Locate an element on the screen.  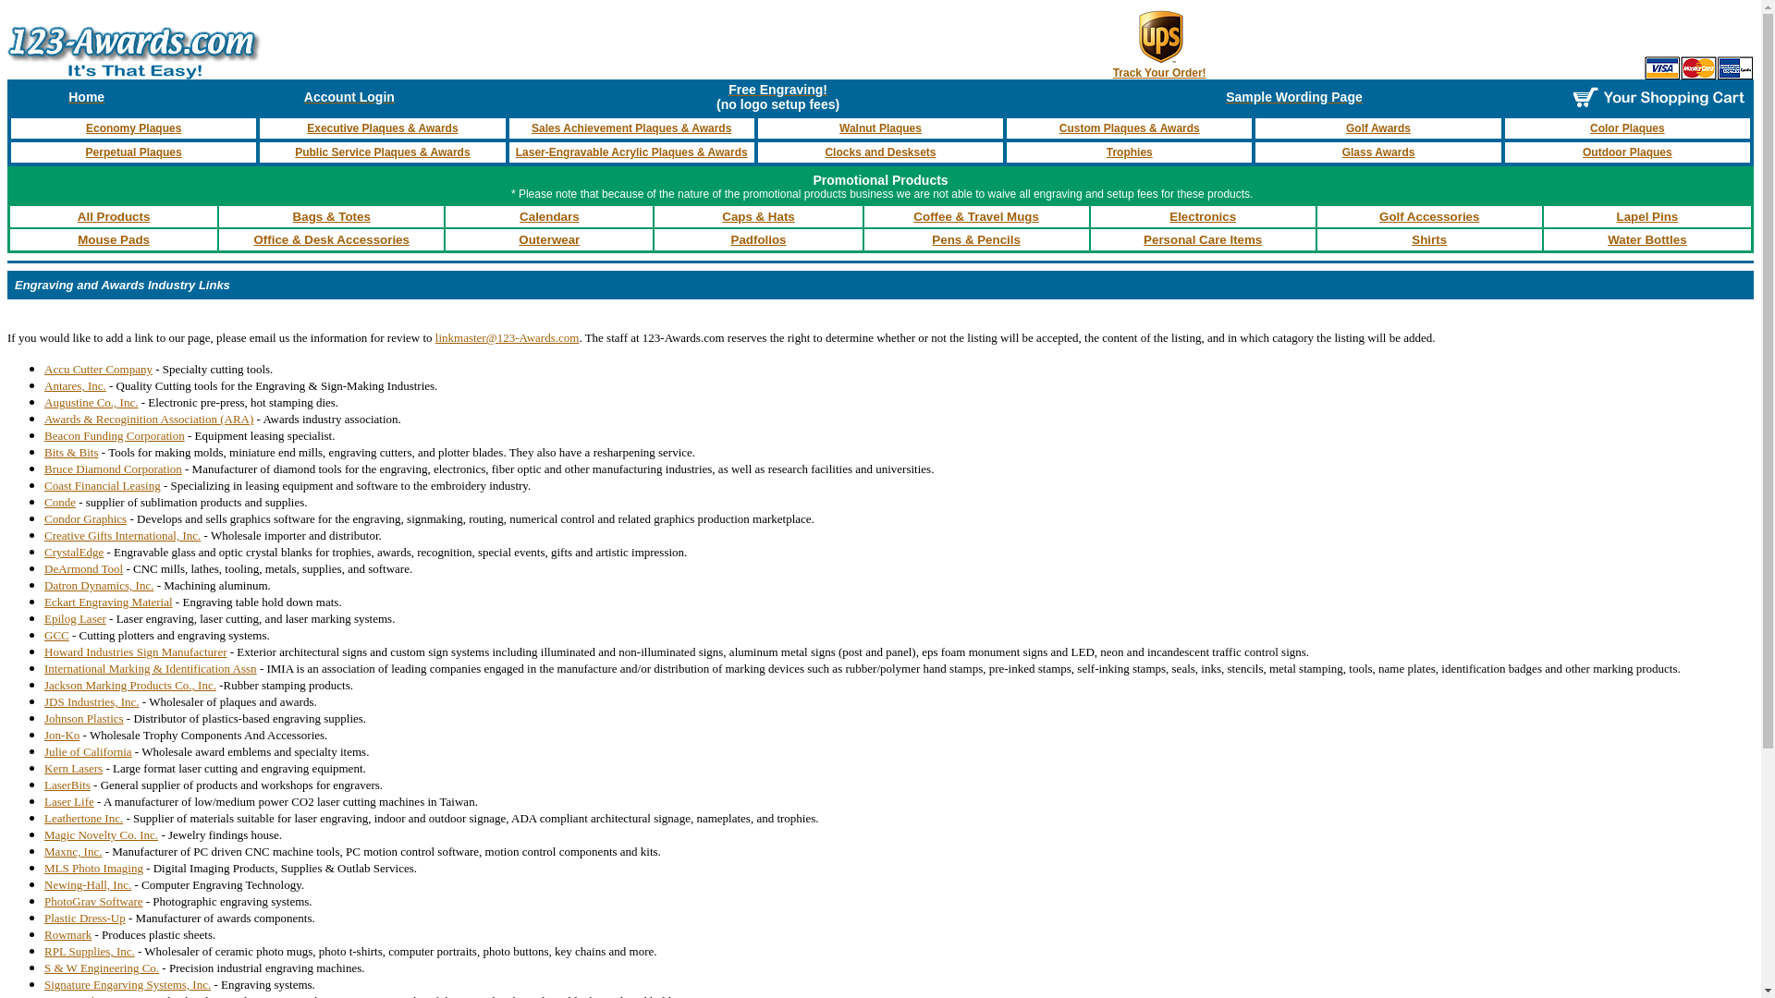
'Julie of California' is located at coordinates (87, 751).